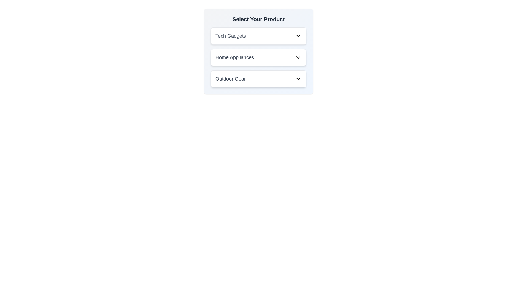 The width and height of the screenshot is (529, 297). What do you see at coordinates (231, 36) in the screenshot?
I see `the 'Tech Gadgets' text label in gray font, which is part of a dropdown menu and positioned to the left of the chevron icon` at bounding box center [231, 36].